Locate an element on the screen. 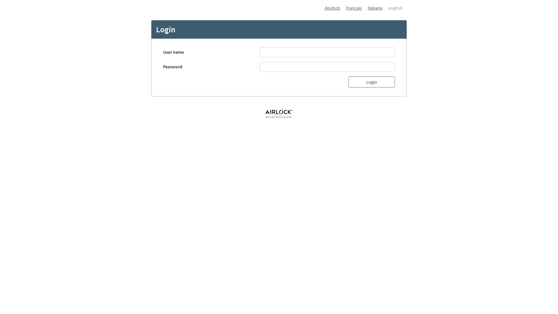  'Login' is located at coordinates (371, 82).